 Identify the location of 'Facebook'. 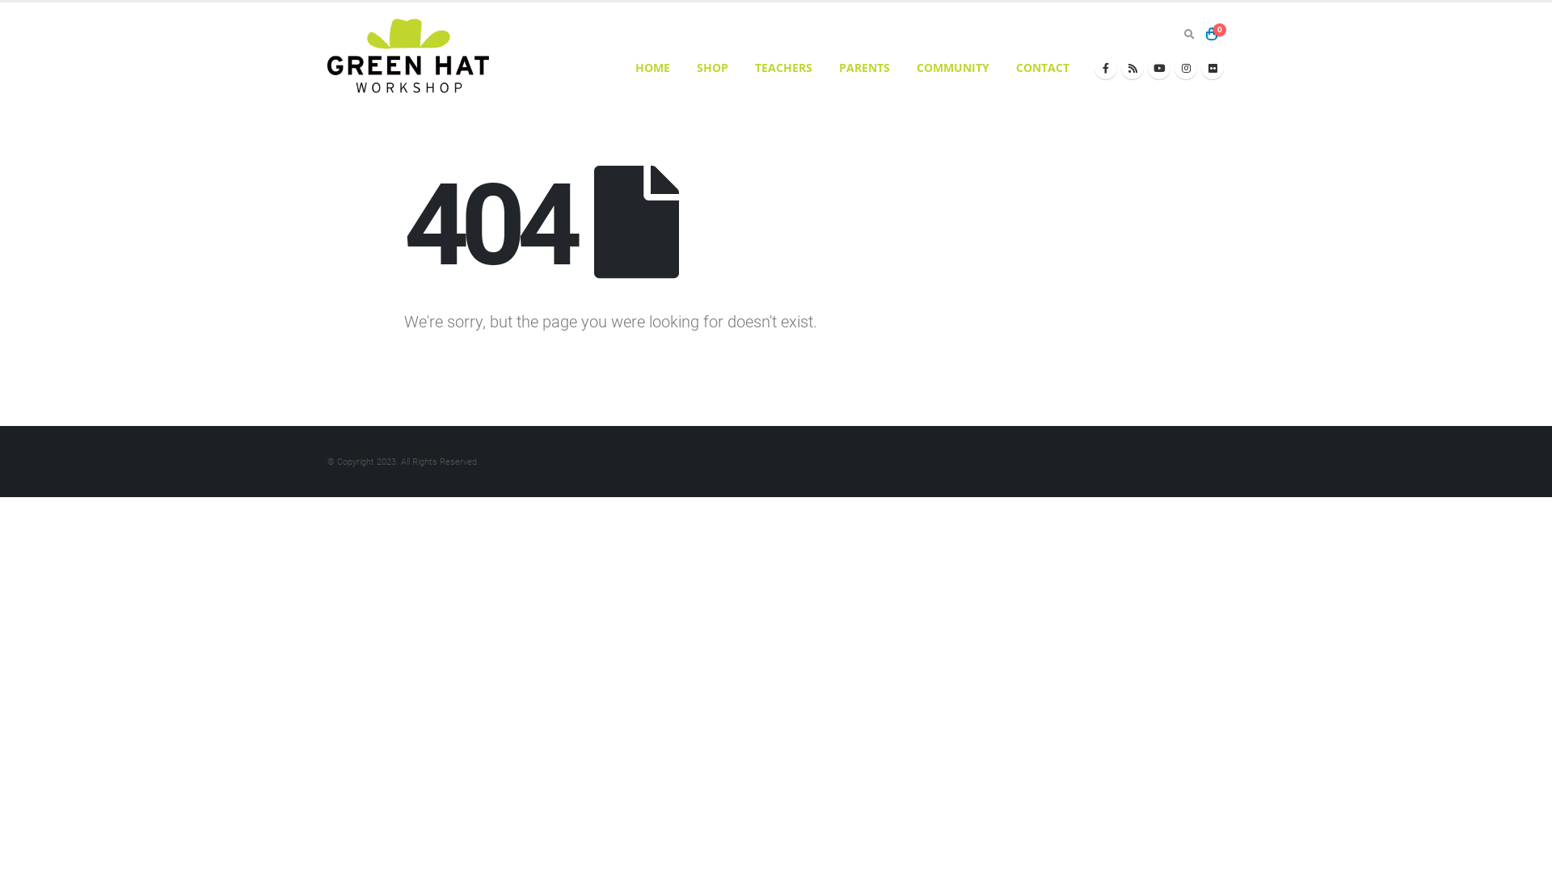
(1094, 67).